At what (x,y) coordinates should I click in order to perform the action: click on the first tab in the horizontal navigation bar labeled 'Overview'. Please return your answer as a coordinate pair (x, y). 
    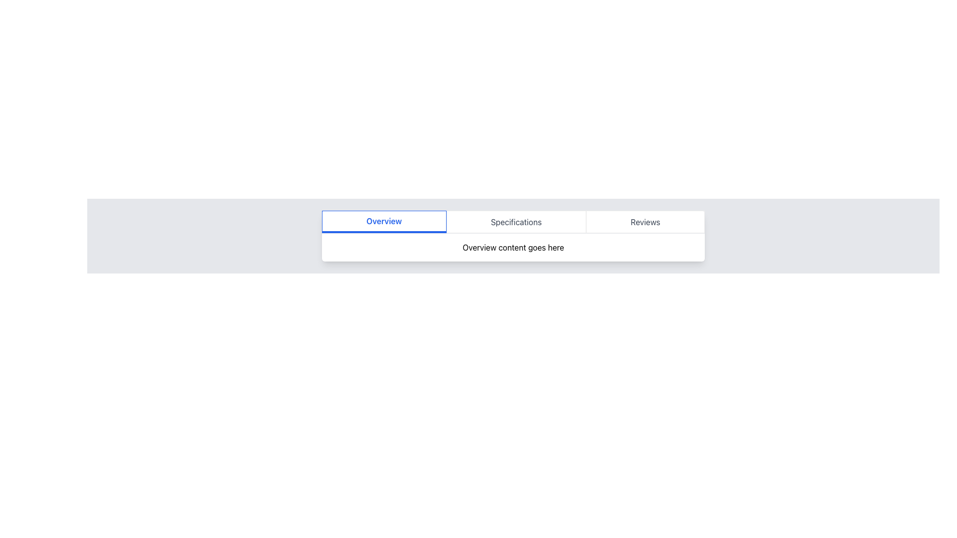
    Looking at the image, I should click on (383, 221).